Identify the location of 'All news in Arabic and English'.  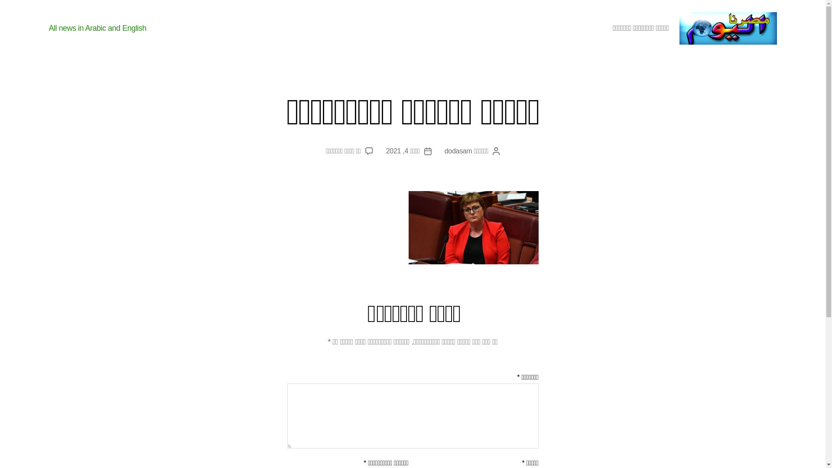
(97, 28).